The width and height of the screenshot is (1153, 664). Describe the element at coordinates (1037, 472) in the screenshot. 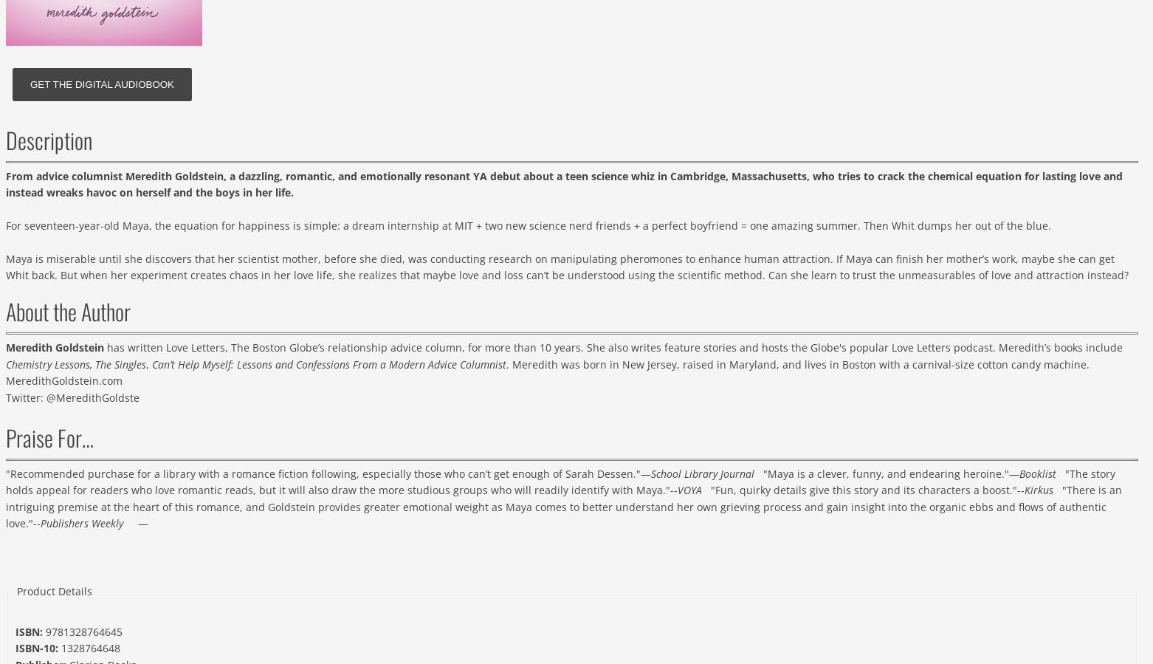

I see `'Booklist'` at that location.